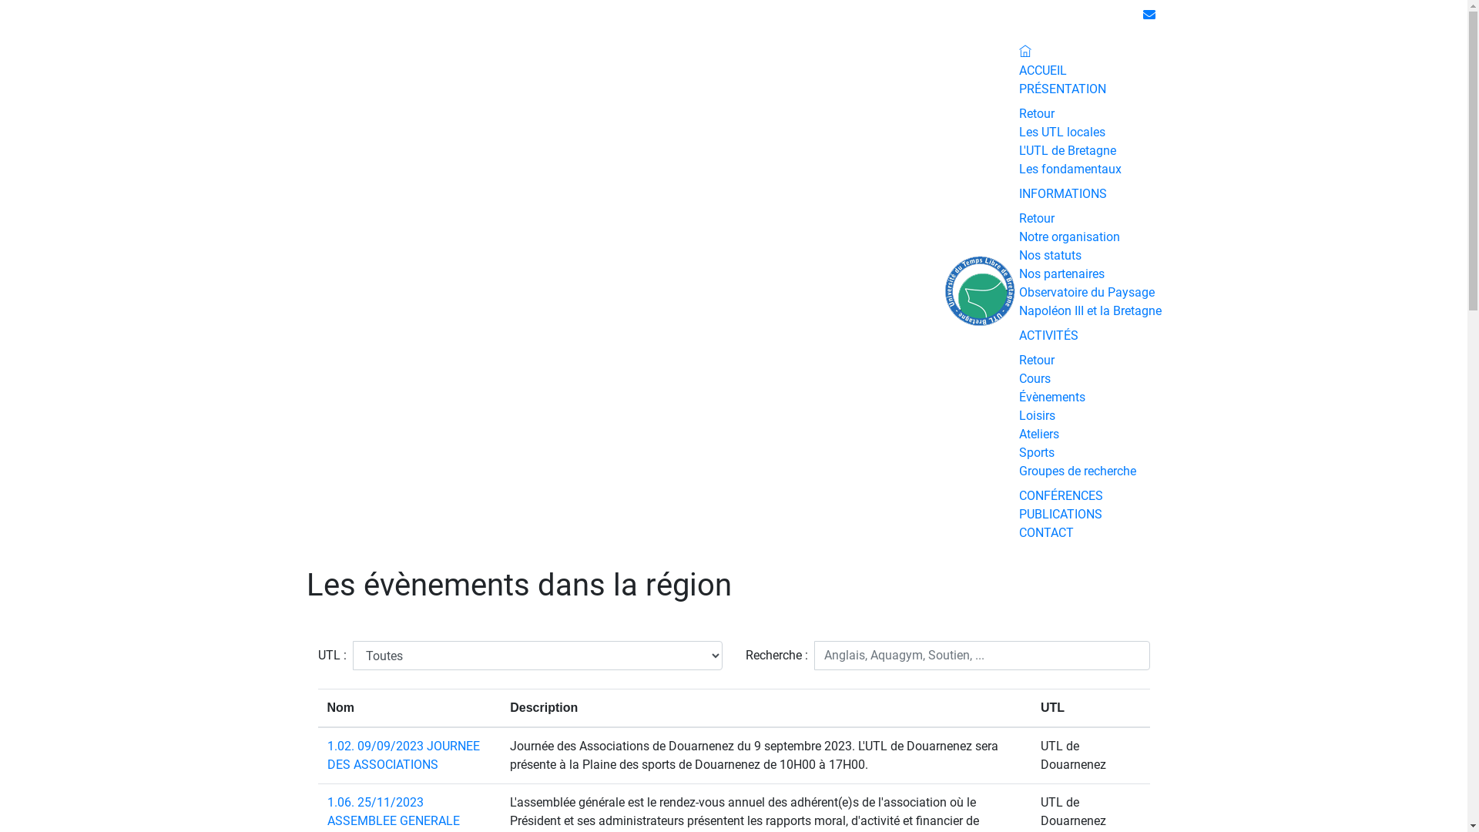 The height and width of the screenshot is (832, 1479). I want to click on 'Observatoire du Paysage', so click(1018, 292).